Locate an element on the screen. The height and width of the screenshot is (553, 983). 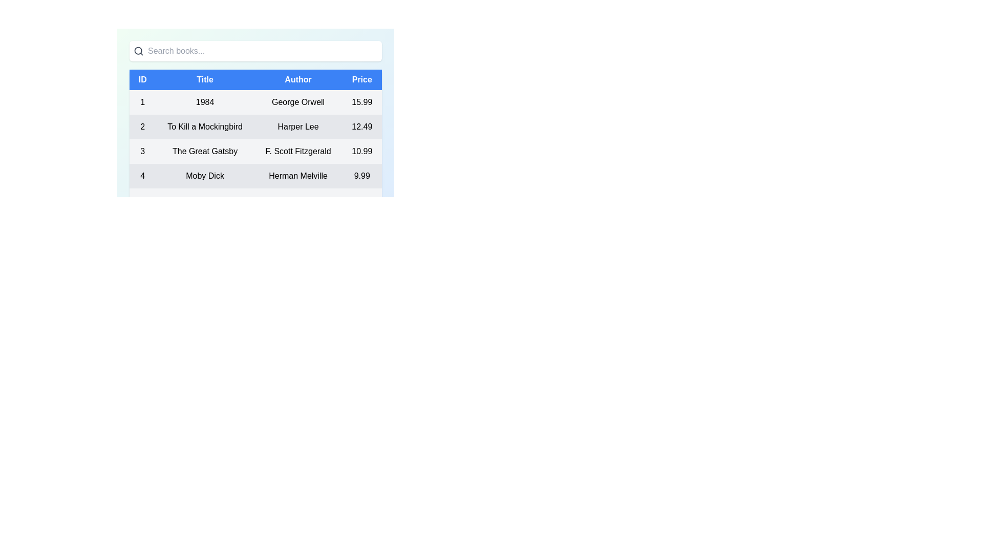
the numeric element displaying the number '1' in the leftmost cell of the table row for the book '1984' by George Orwell is located at coordinates (142, 102).